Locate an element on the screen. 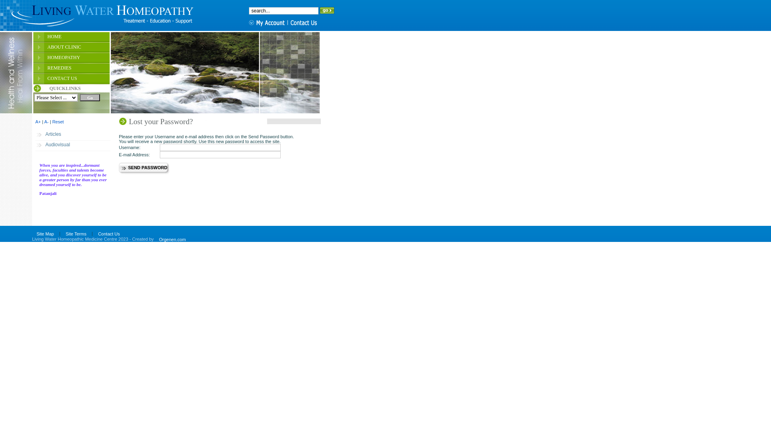 This screenshot has height=434, width=771. 'Orgenen.com' is located at coordinates (172, 239).